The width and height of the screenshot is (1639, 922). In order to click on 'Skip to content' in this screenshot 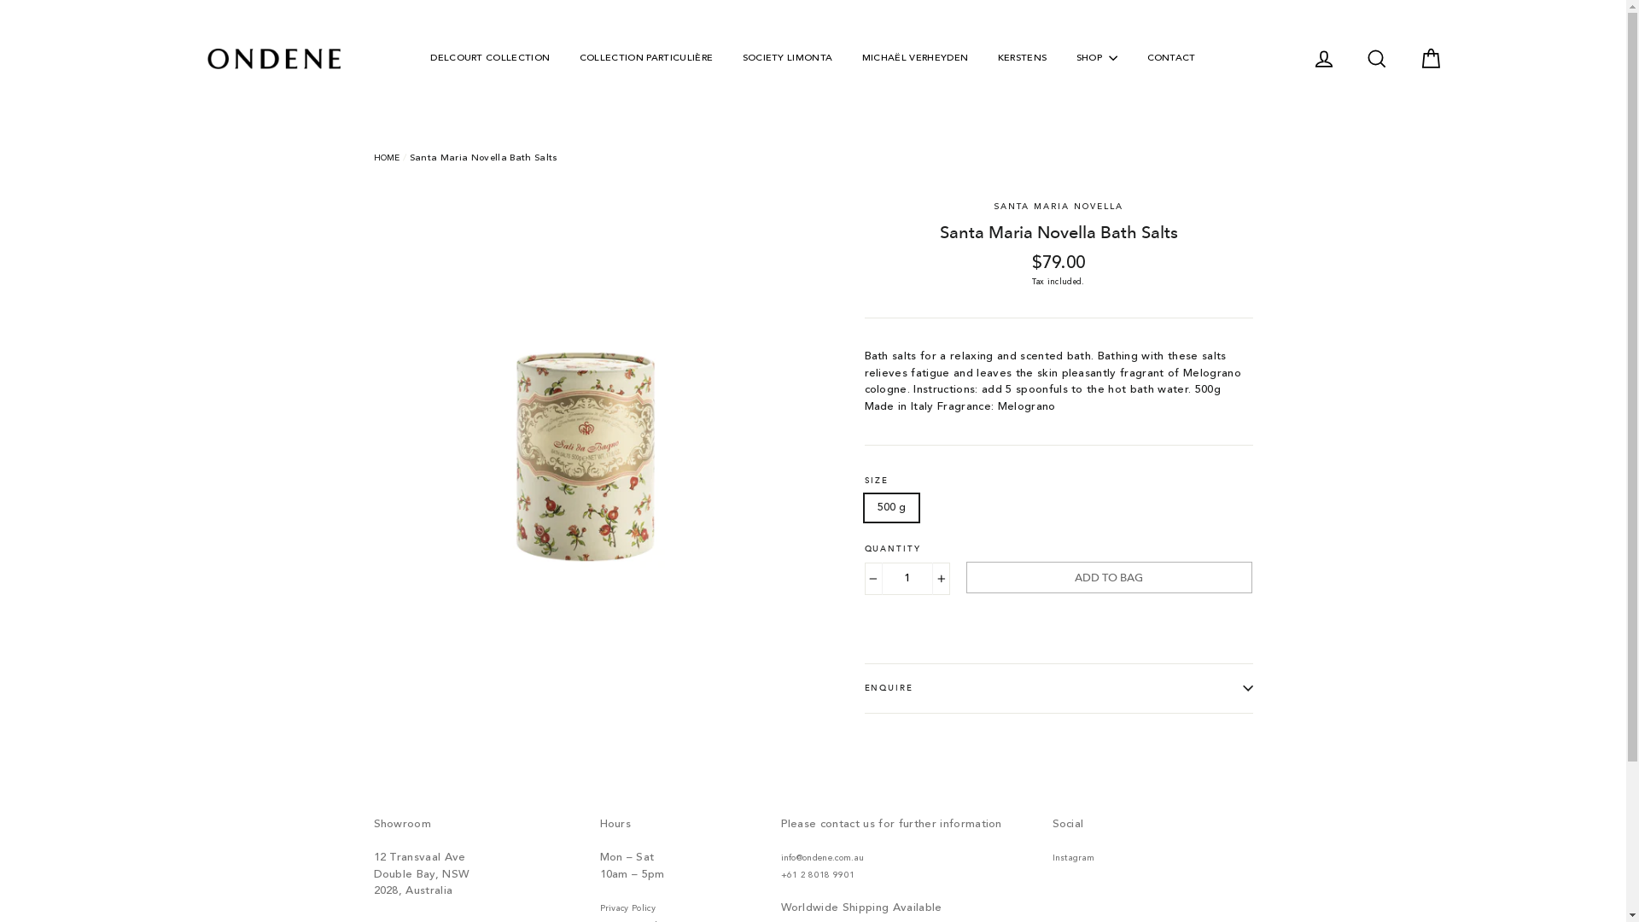, I will do `click(0, 0)`.